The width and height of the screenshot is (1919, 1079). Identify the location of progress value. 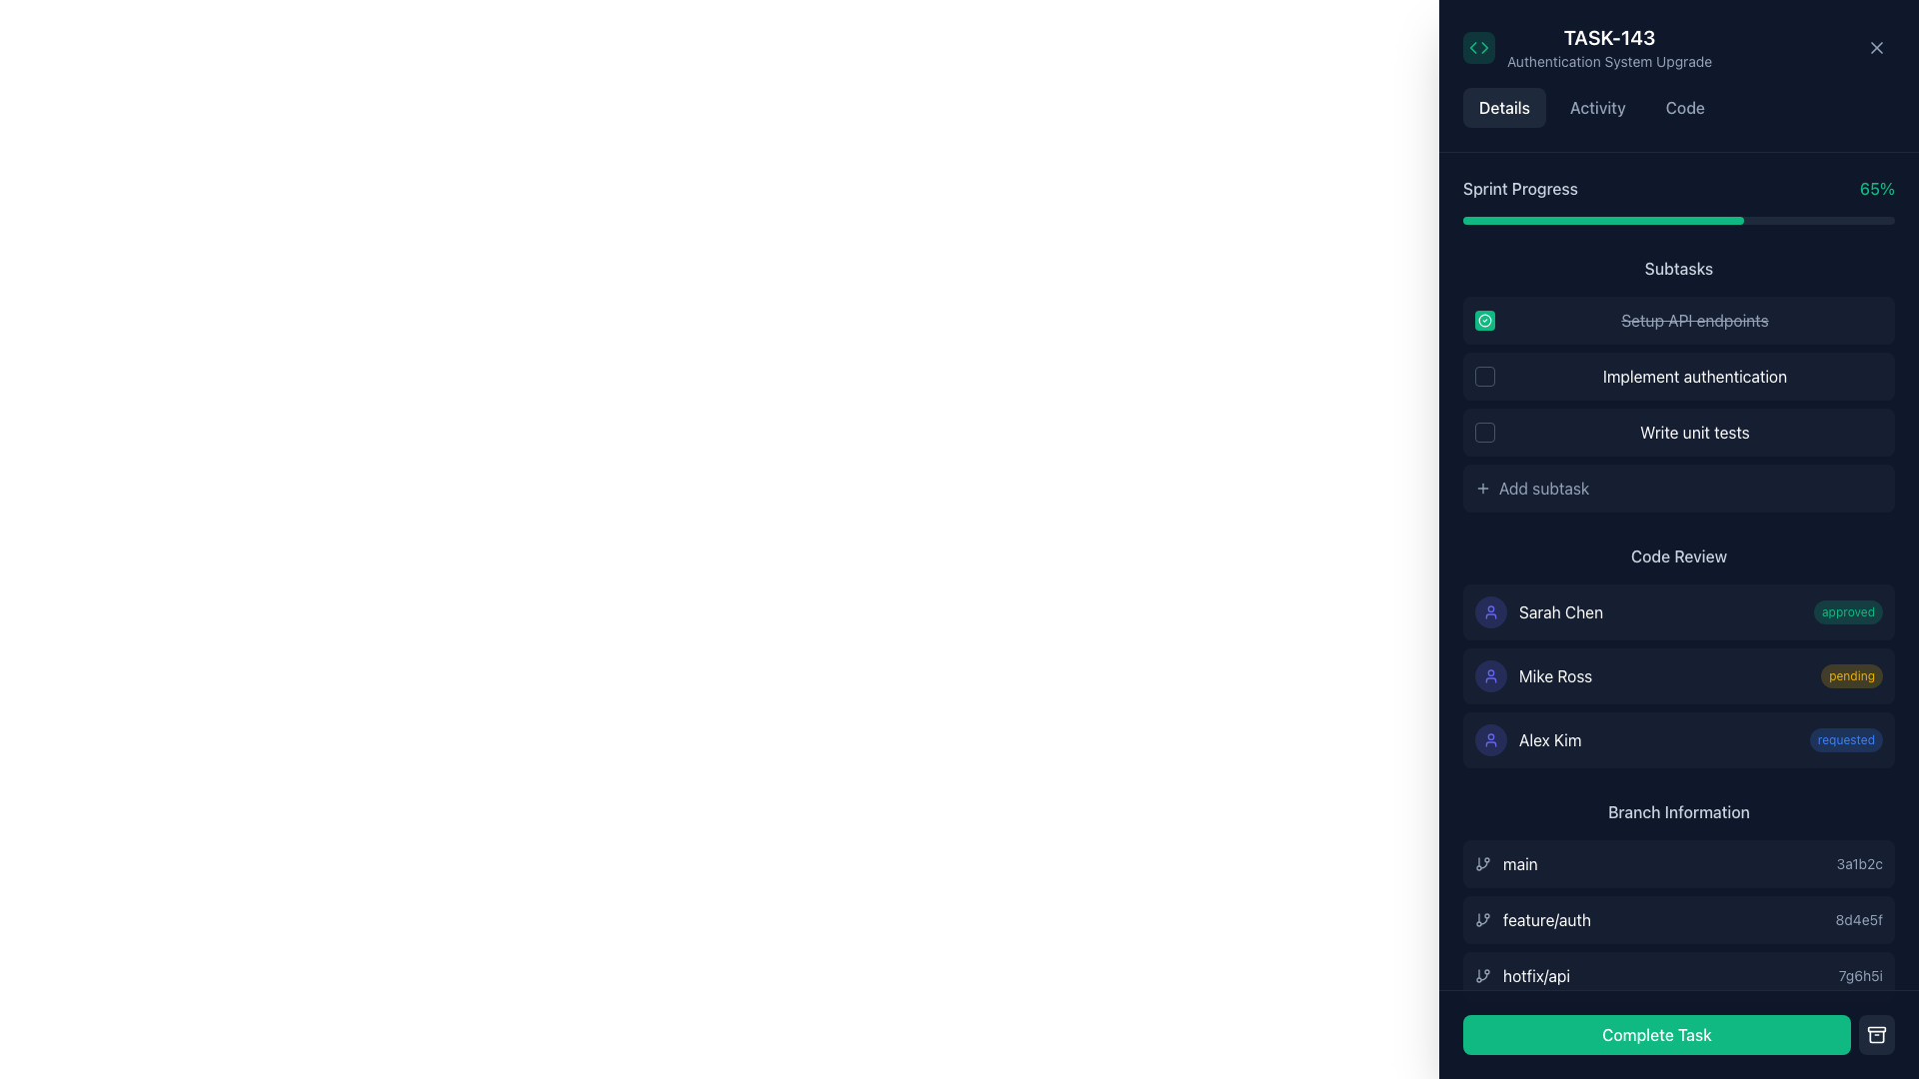
(1587, 220).